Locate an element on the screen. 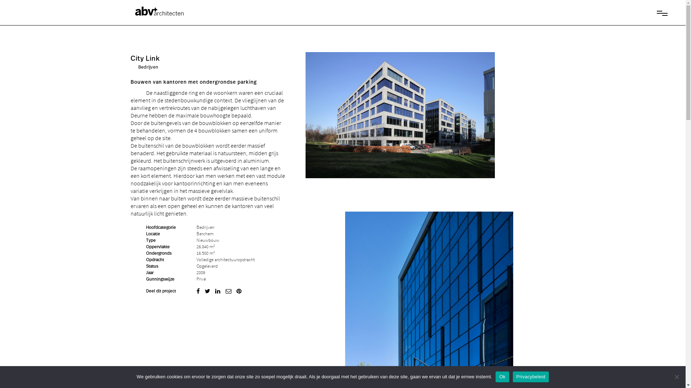 Image resolution: width=691 pixels, height=388 pixels. 'Ok' is located at coordinates (502, 377).